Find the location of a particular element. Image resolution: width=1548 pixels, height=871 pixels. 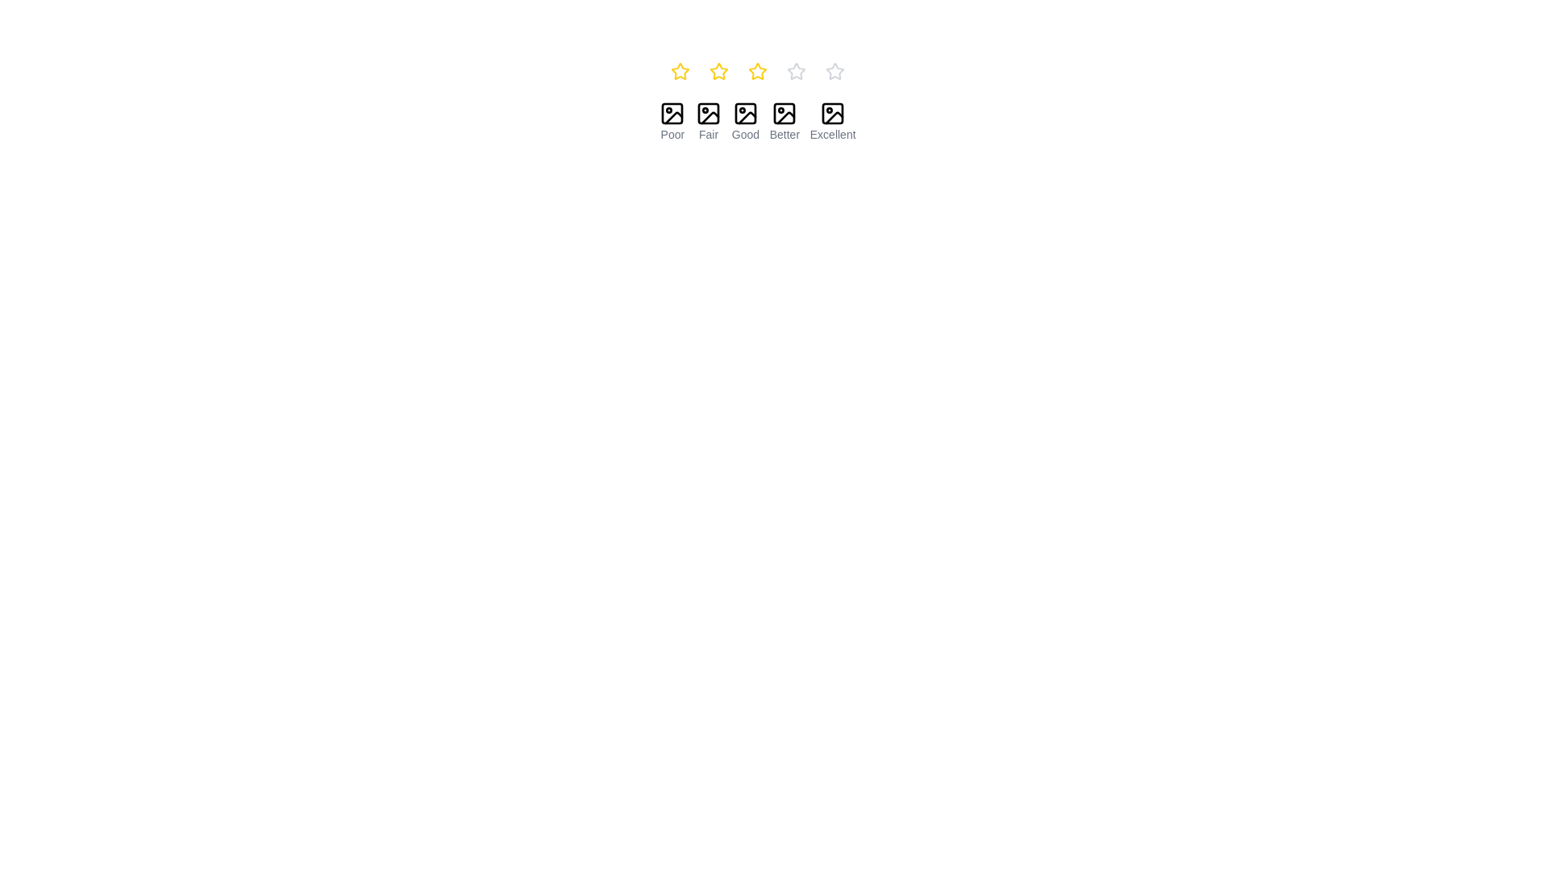

the first star icon in the rating component is located at coordinates (680, 70).